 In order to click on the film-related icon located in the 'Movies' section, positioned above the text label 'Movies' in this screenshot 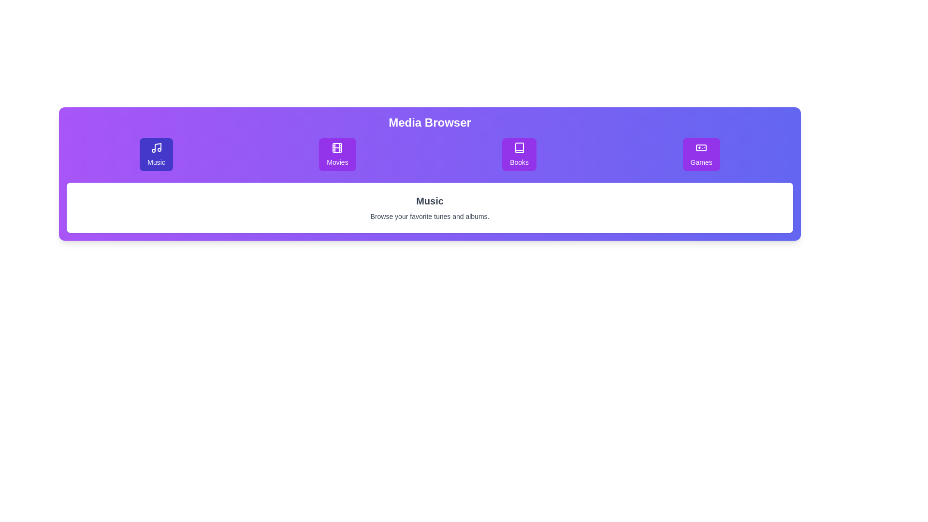, I will do `click(337, 147)`.